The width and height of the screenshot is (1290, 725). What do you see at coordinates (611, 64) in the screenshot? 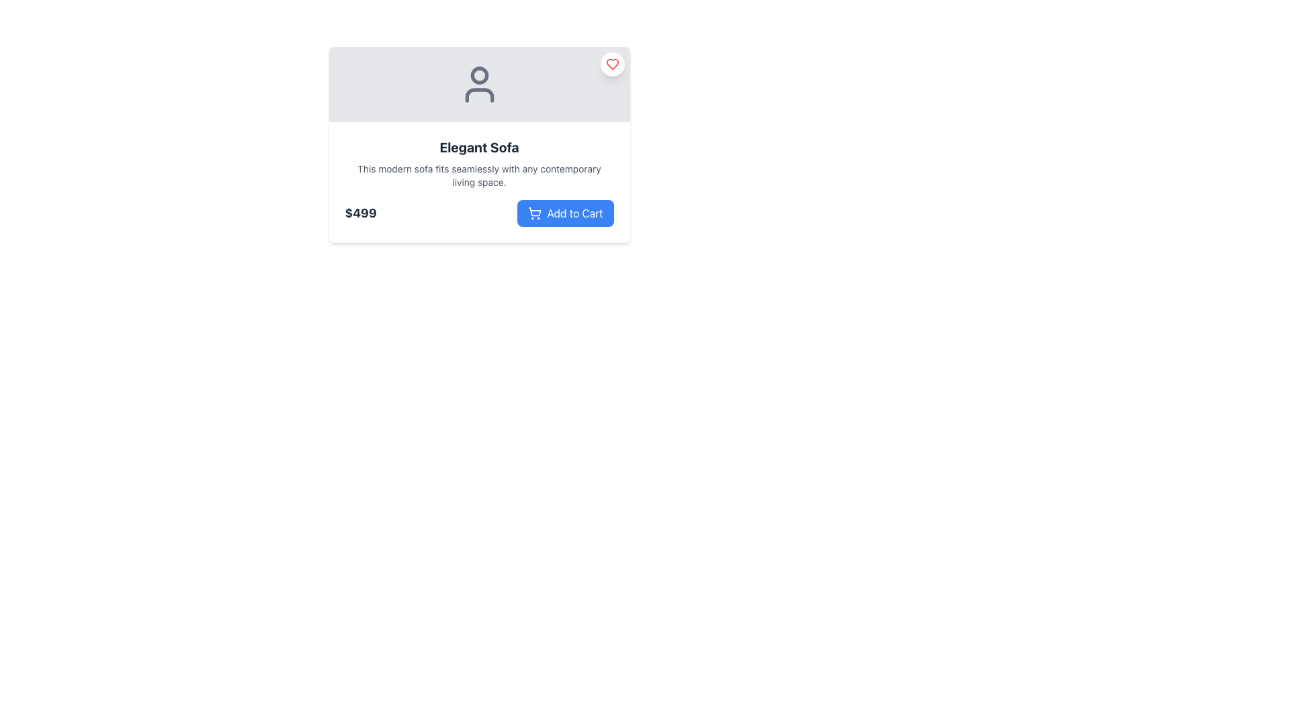
I see `the heart icon located inside the circular button at the top-right corner of the card to favorite the item` at bounding box center [611, 64].